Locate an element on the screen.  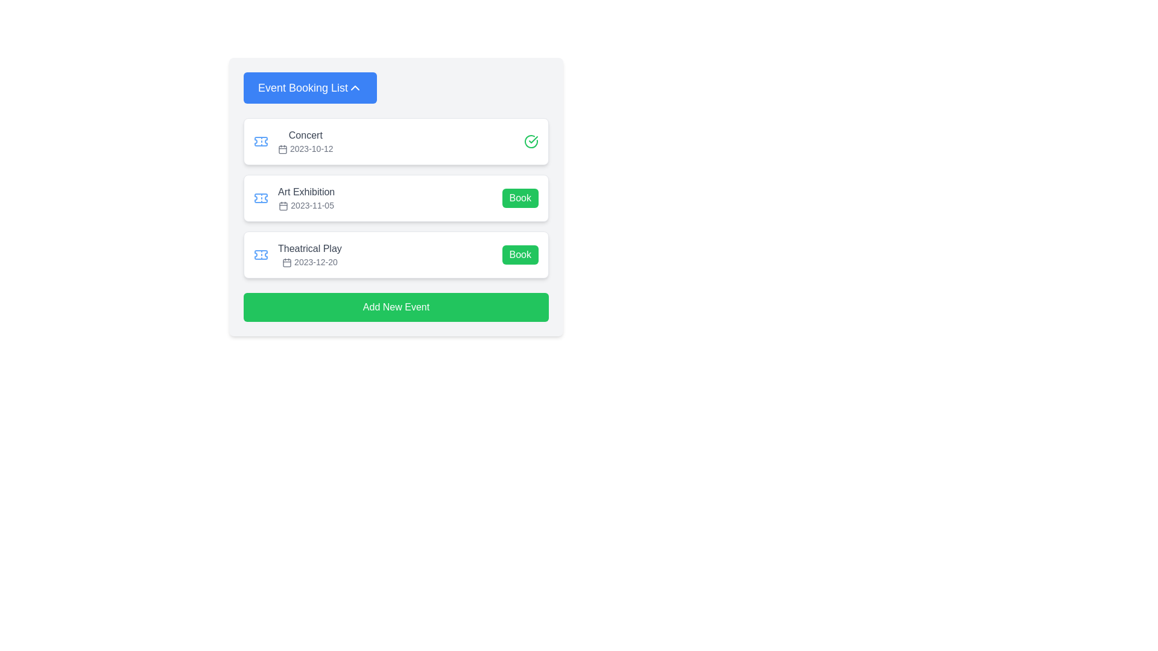
SVG rectangle element representing the calendar date feature in the 'Art Exhibition' event entry located to the left of the '2023-11-05' date by clicking on it is located at coordinates (283, 206).